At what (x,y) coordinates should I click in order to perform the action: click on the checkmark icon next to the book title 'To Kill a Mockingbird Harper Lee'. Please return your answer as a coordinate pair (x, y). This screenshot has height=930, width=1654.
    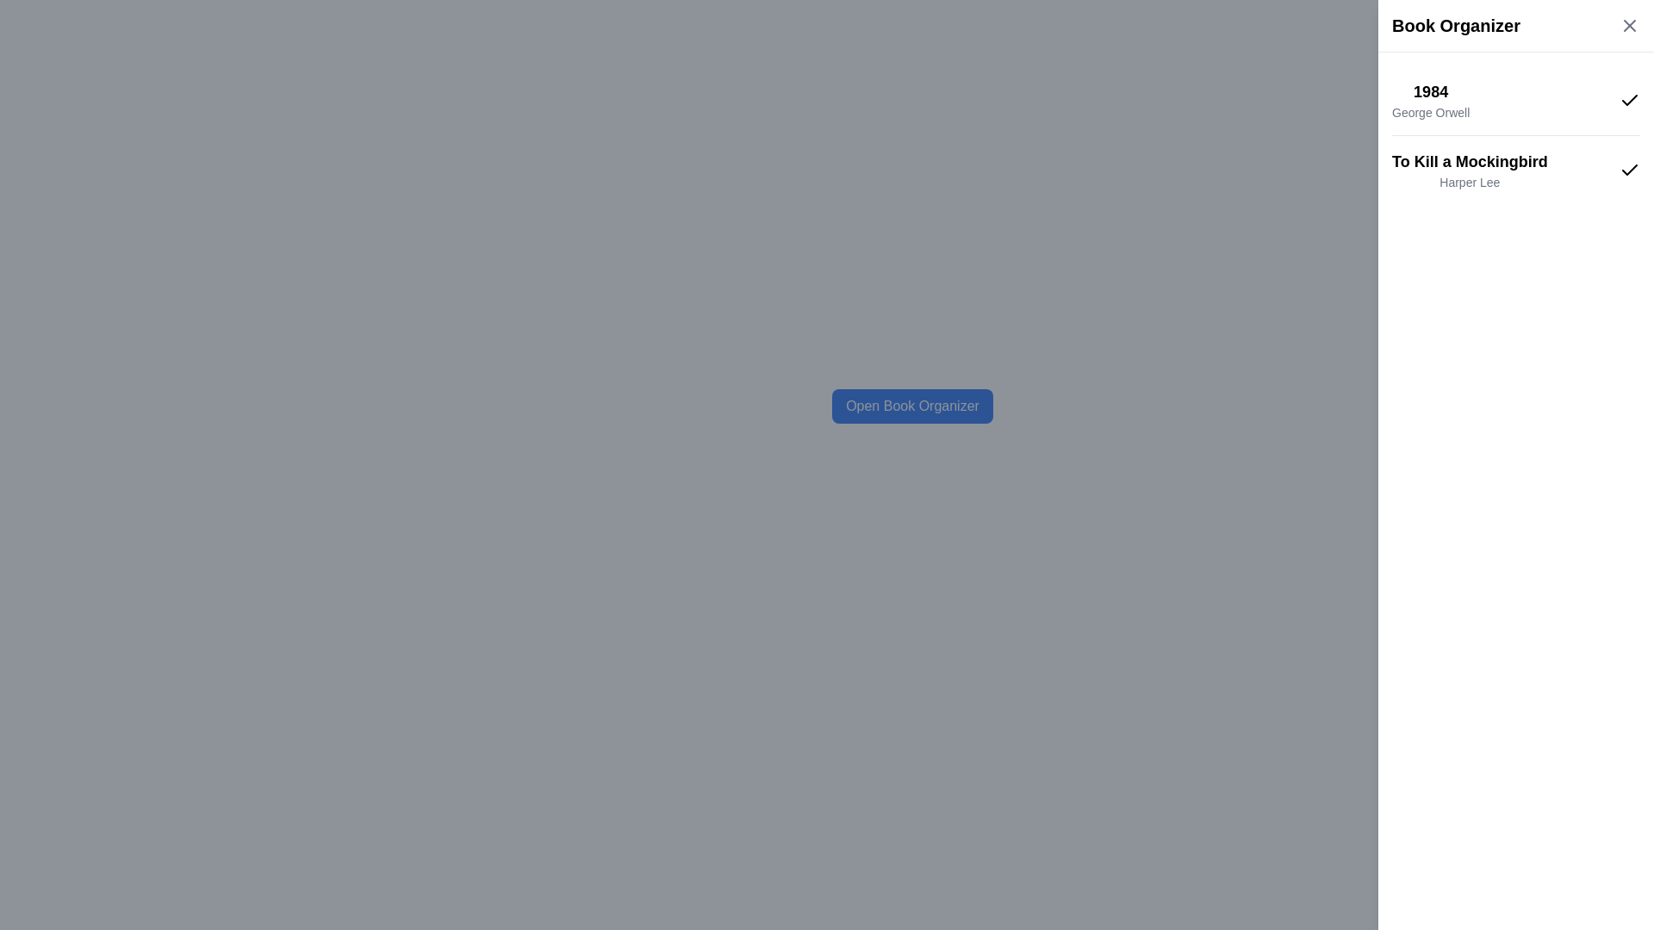
    Looking at the image, I should click on (1628, 100).